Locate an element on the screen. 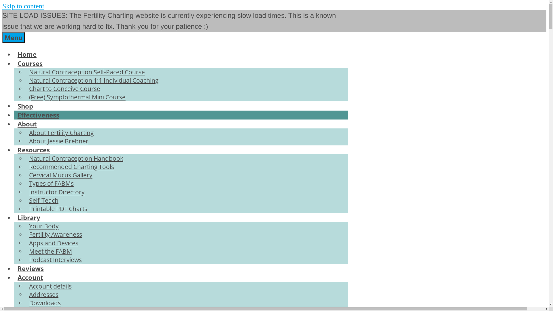  'Menu' is located at coordinates (14, 37).